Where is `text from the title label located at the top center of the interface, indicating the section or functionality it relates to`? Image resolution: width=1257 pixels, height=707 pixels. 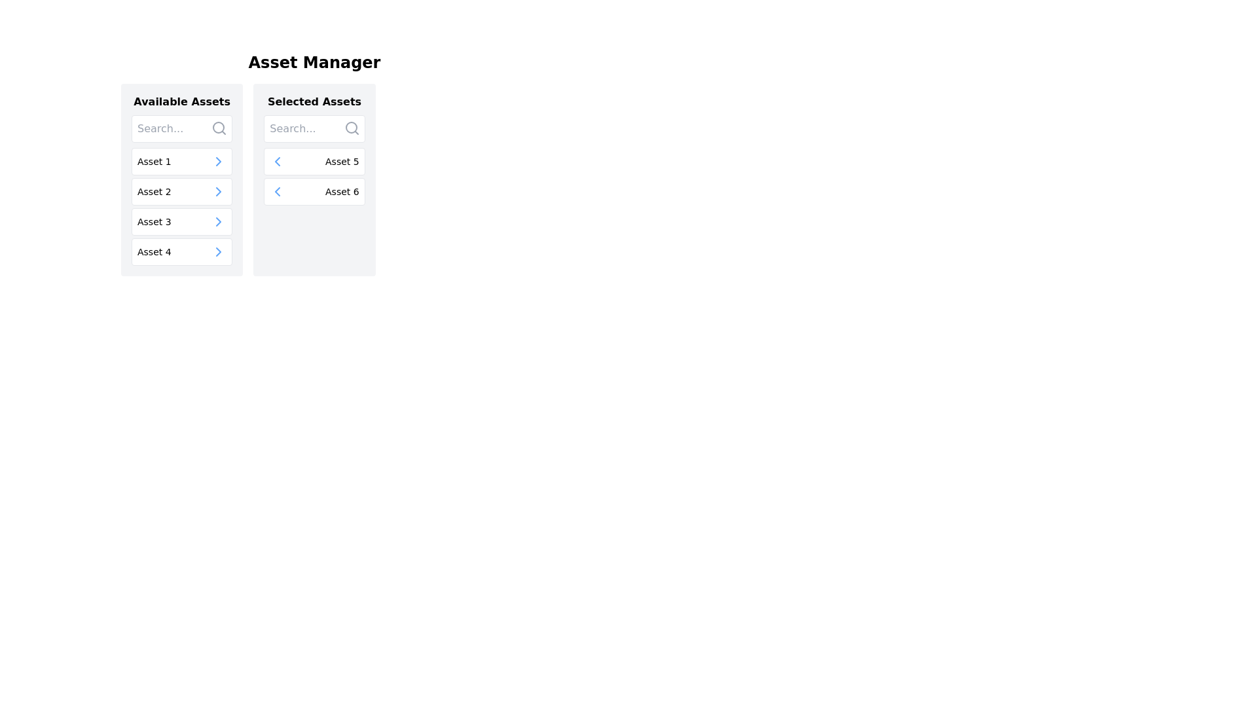 text from the title label located at the top center of the interface, indicating the section or functionality it relates to is located at coordinates (314, 63).